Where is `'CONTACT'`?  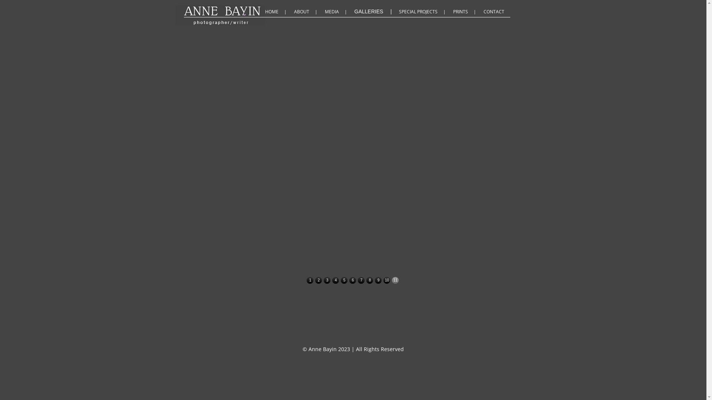 'CONTACT' is located at coordinates (495, 11).